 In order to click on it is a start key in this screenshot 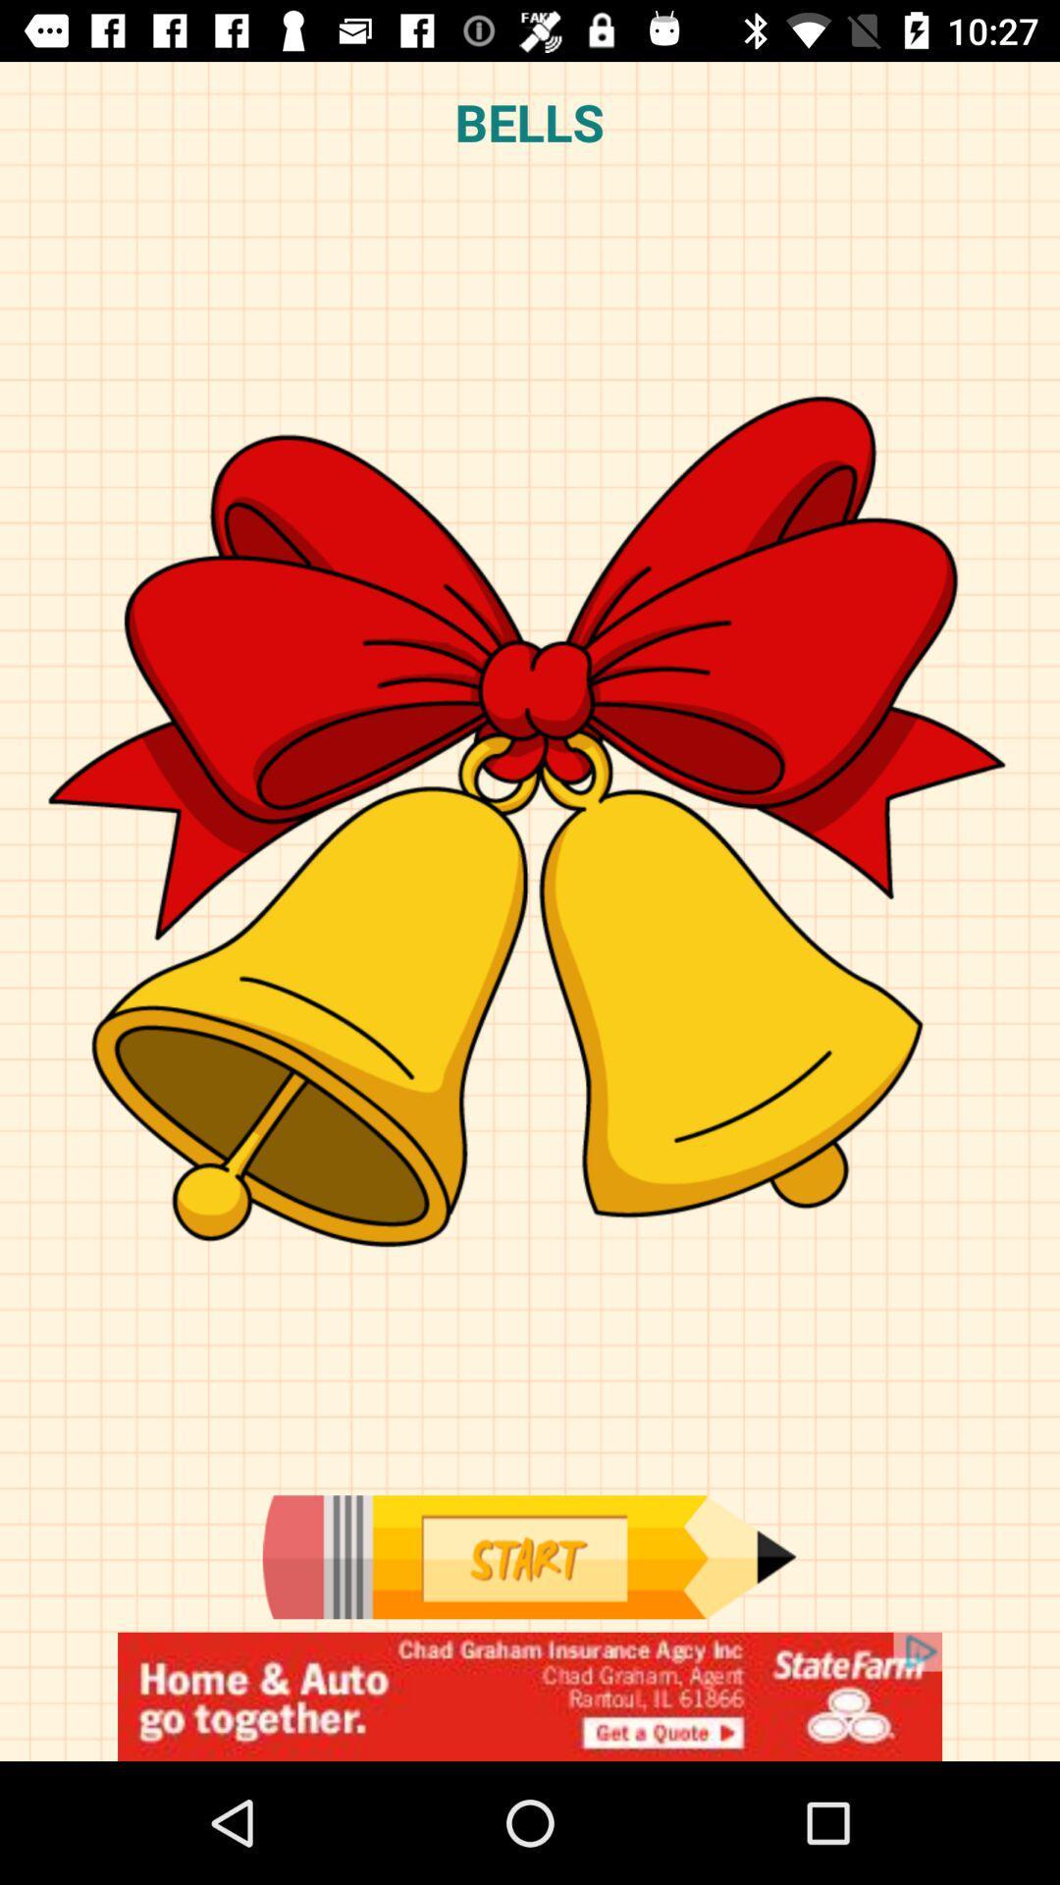, I will do `click(528, 1556)`.